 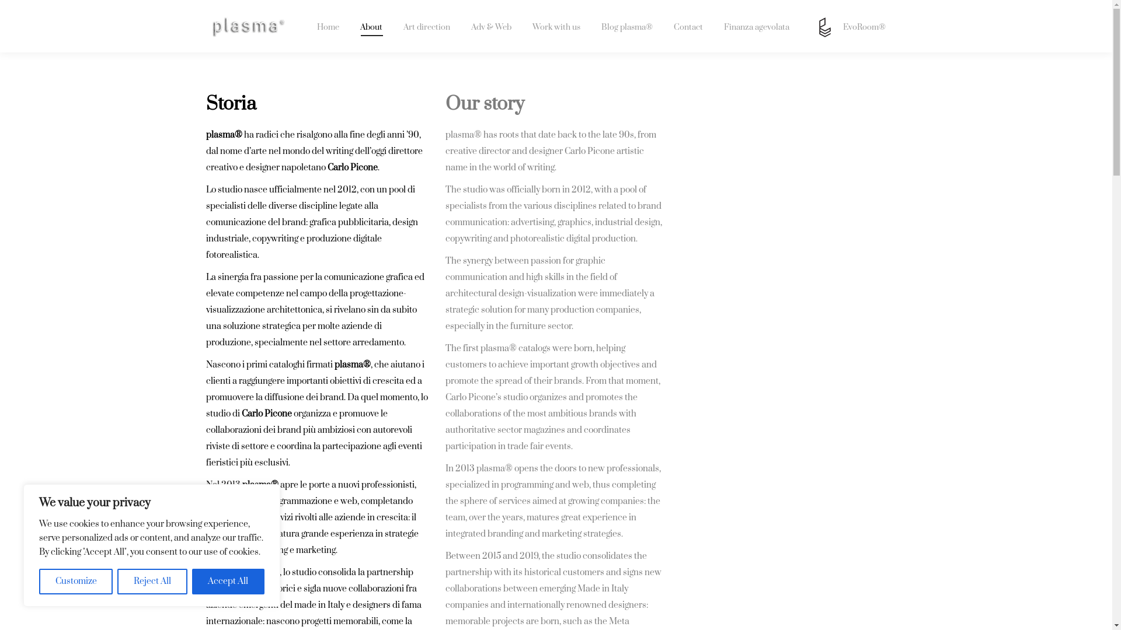 I want to click on 'Reject All', so click(x=151, y=581).